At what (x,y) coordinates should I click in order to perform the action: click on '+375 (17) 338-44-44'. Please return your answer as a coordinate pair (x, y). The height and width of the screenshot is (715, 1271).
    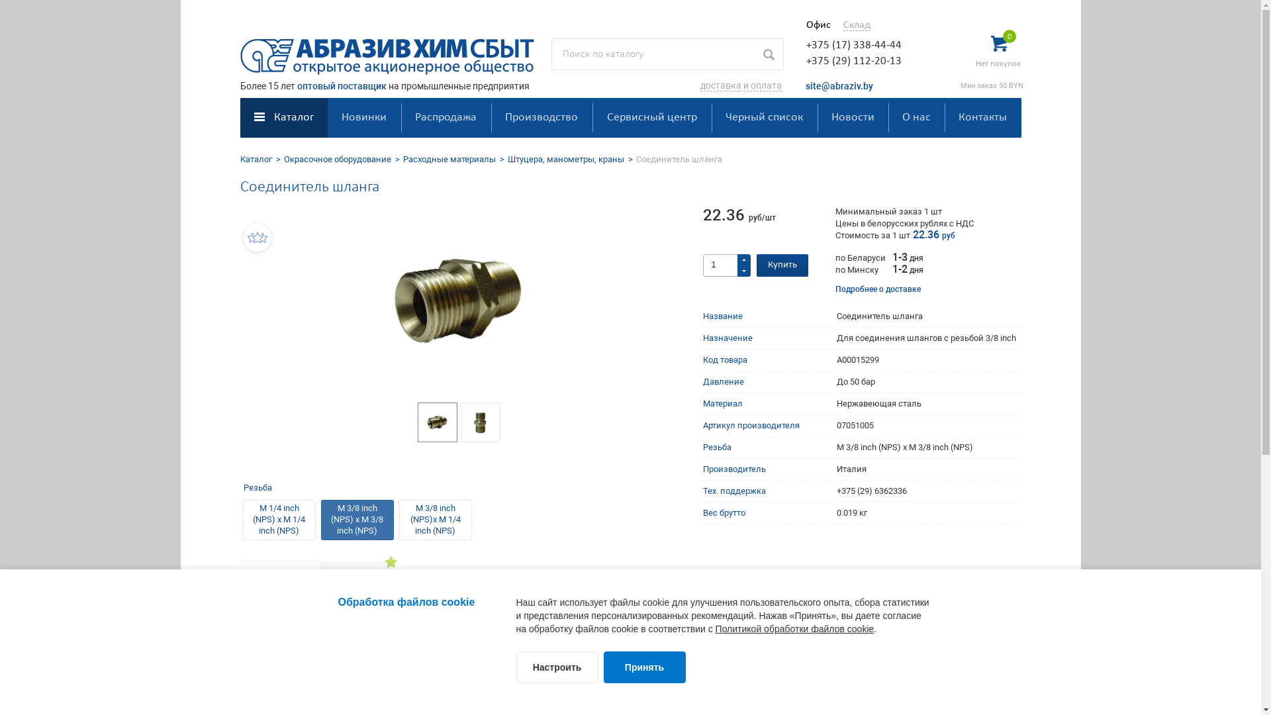
    Looking at the image, I should click on (854, 44).